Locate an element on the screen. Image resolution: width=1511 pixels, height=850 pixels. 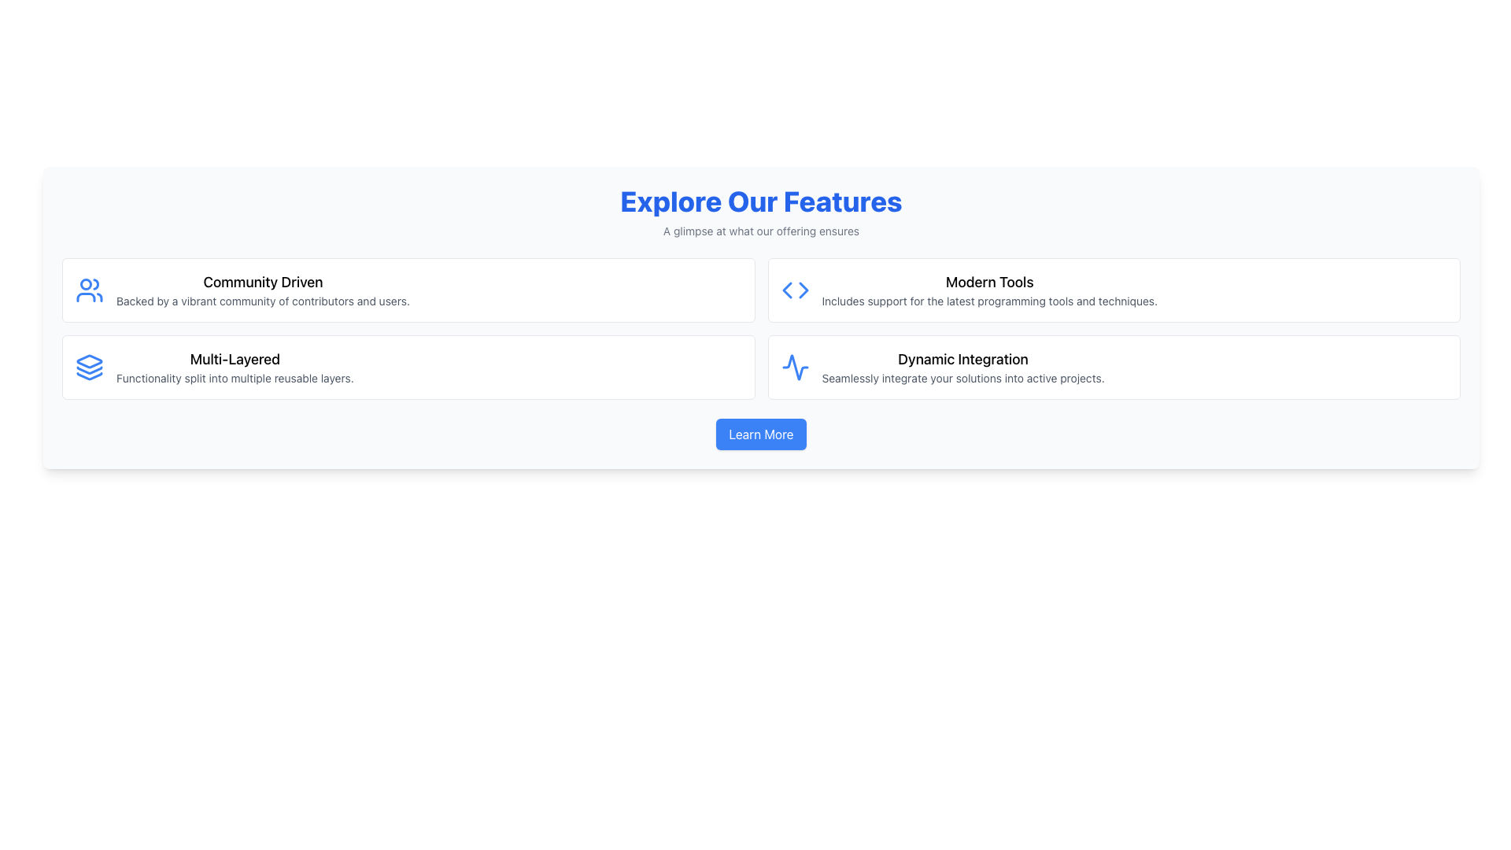
the blue wave pattern icon located to the left of the 'Dynamic Integration' text in the lower-right section of the grid layout is located at coordinates (795, 367).